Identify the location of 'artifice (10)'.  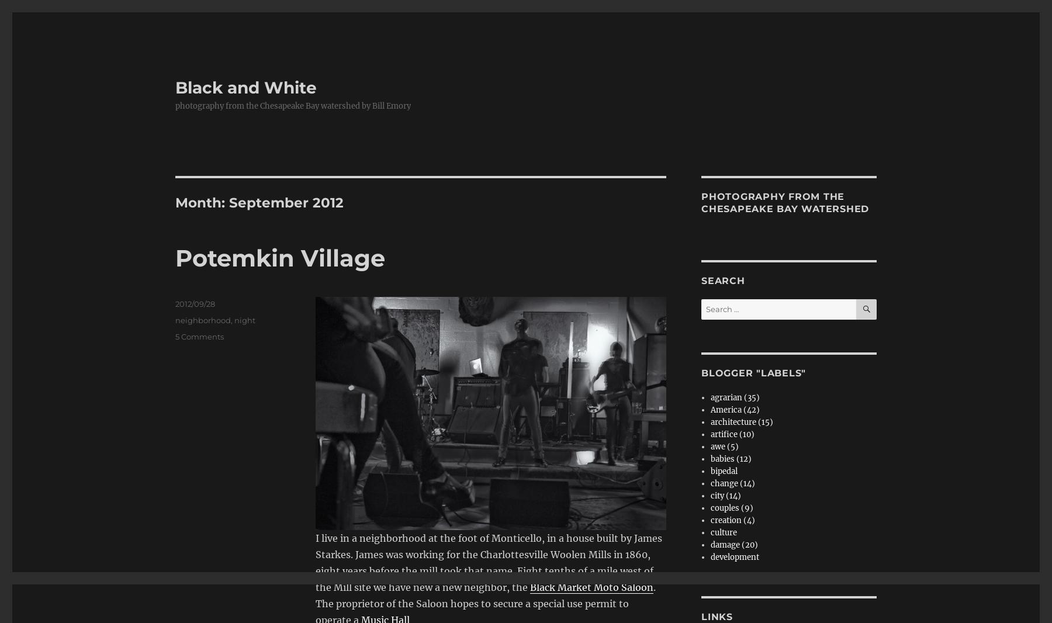
(732, 434).